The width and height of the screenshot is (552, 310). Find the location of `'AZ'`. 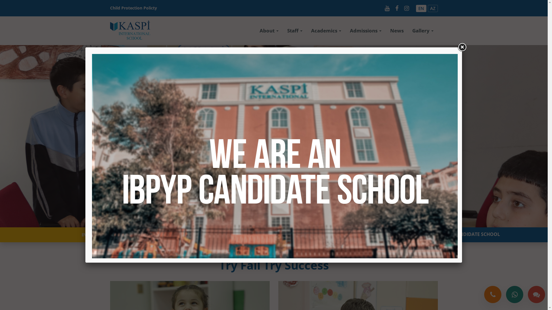

'AZ' is located at coordinates (433, 8).